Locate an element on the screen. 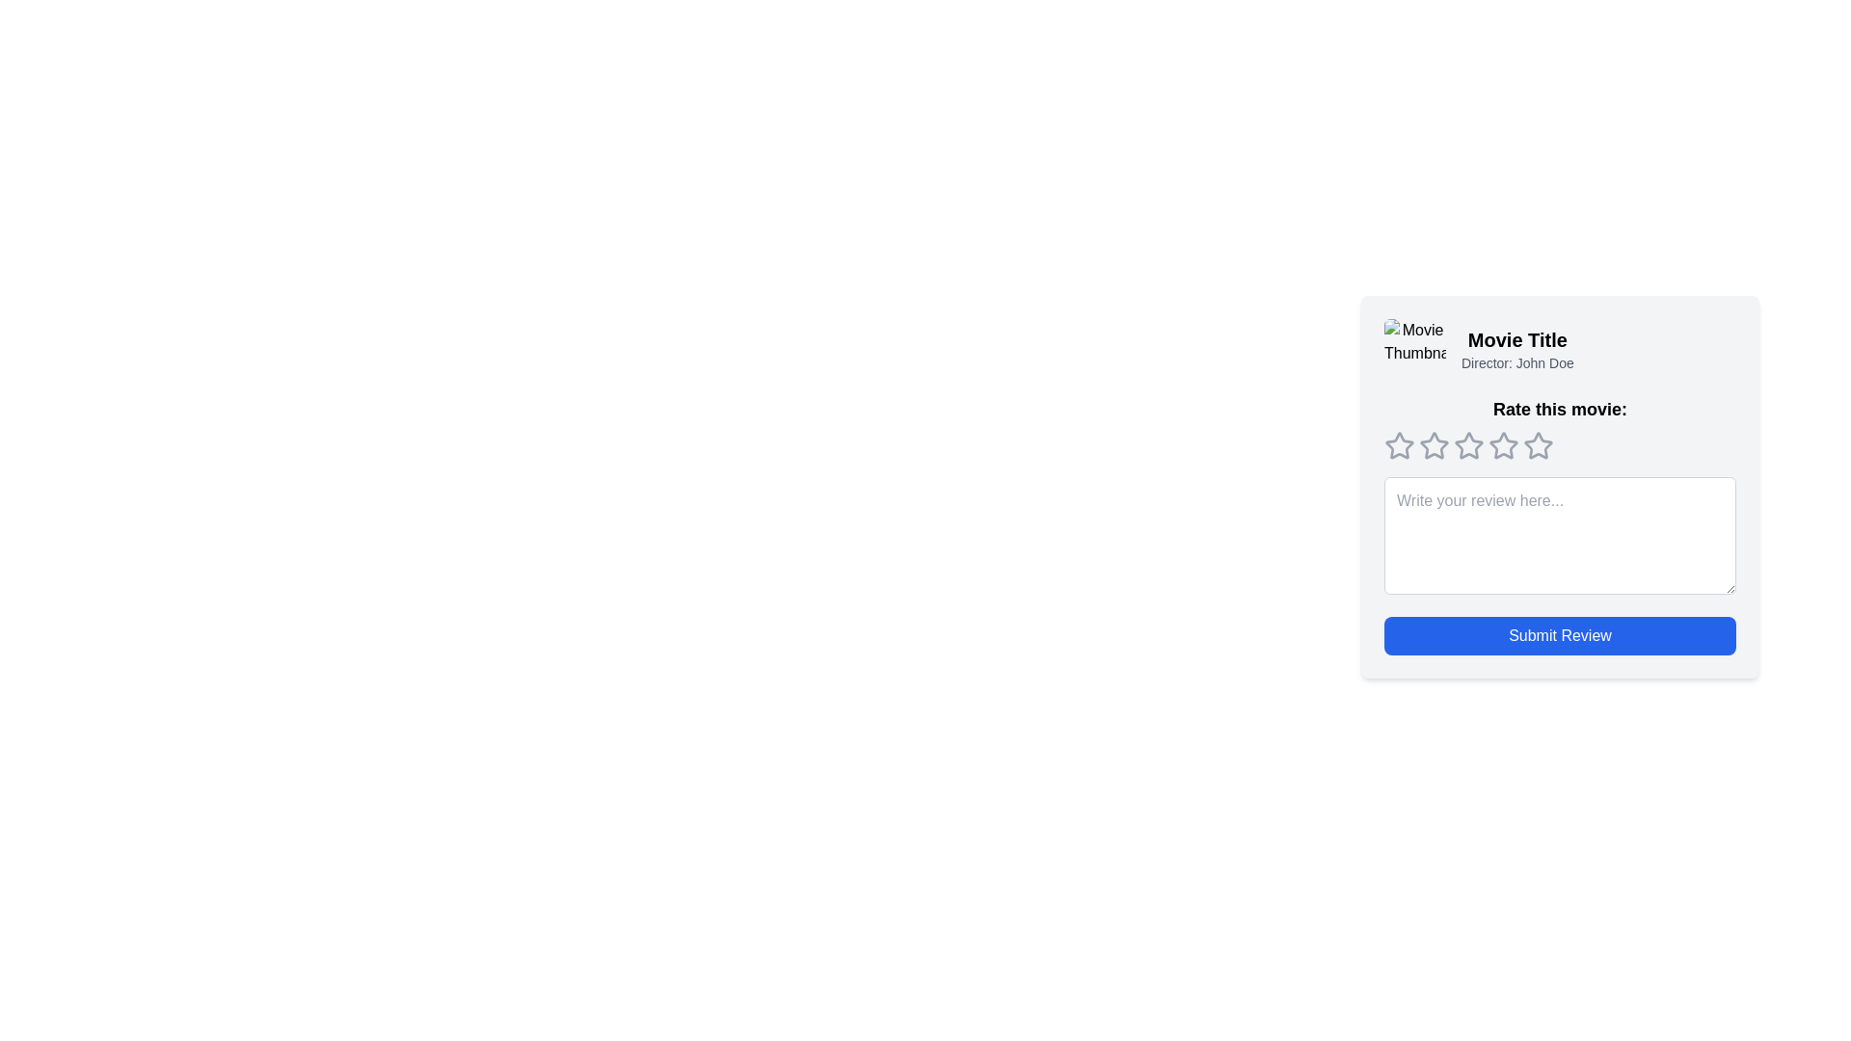 The height and width of the screenshot is (1041, 1851). the second star in the row of five rating stars, located in the 'Rate this movie' section is located at coordinates (1435, 445).